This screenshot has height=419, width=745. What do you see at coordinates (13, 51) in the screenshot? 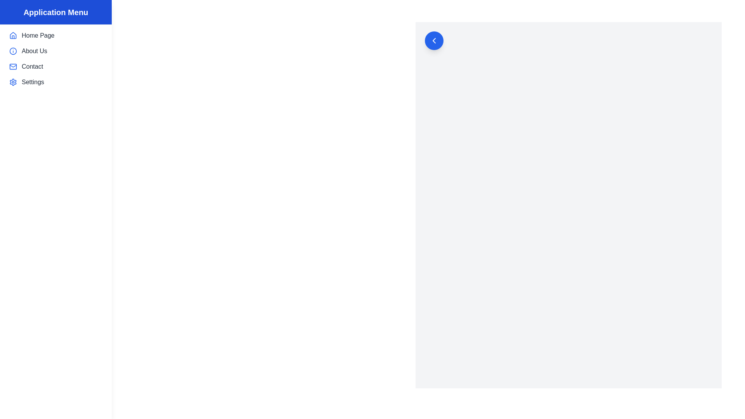
I see `the information icon located on the left sidebar next to the 'About Us' text label` at bounding box center [13, 51].